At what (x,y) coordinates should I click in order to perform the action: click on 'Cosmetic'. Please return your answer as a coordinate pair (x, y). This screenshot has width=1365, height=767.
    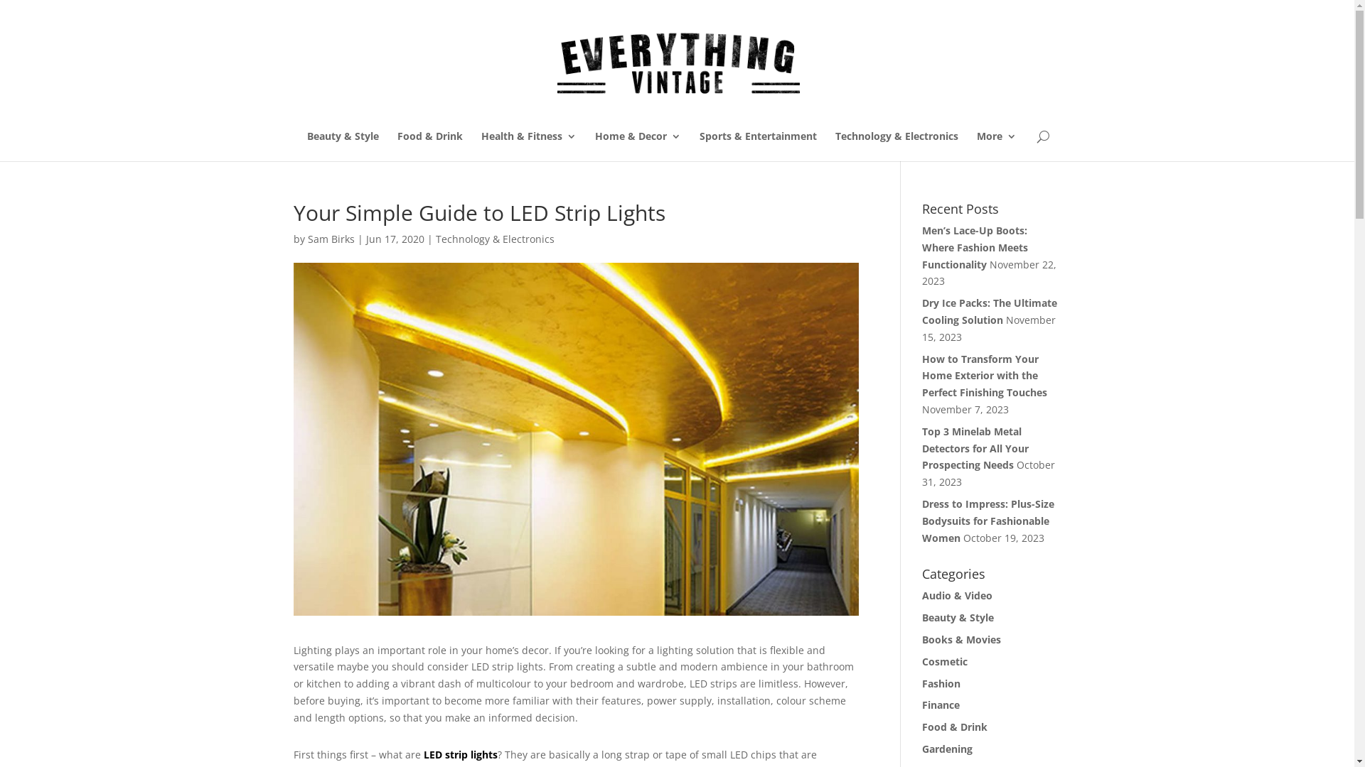
    Looking at the image, I should click on (945, 661).